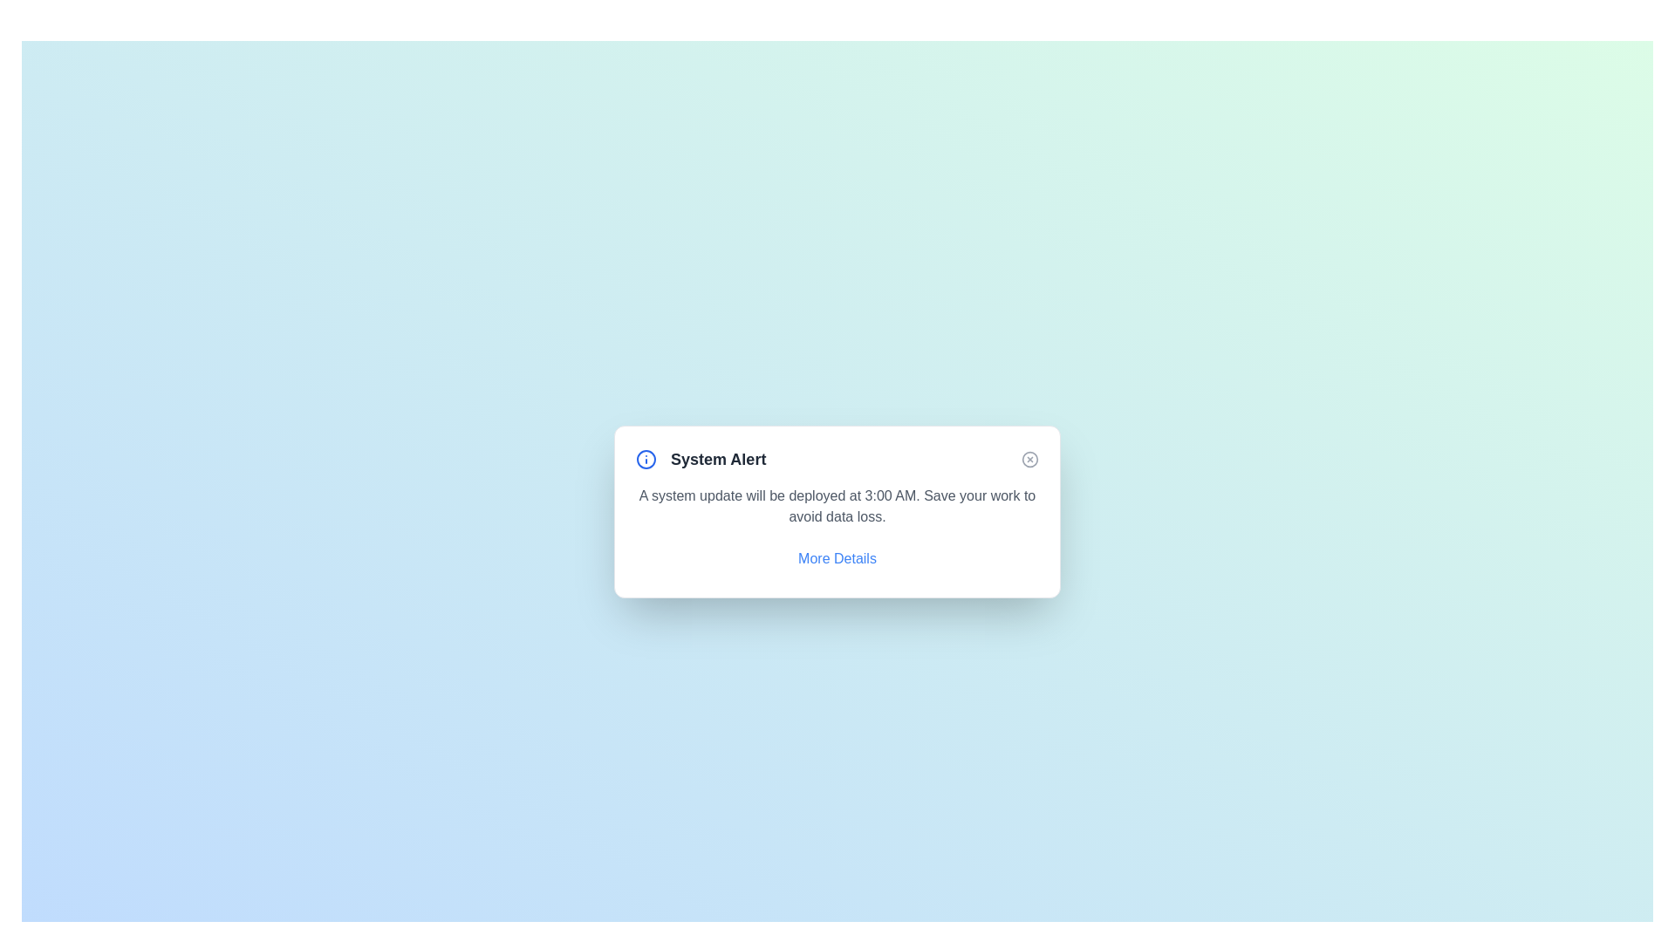 This screenshot has height=942, width=1675. What do you see at coordinates (645, 459) in the screenshot?
I see `the blue circular informational icon located to the left of the 'System Alert' text in the top-left corner of the modal dialog box` at bounding box center [645, 459].